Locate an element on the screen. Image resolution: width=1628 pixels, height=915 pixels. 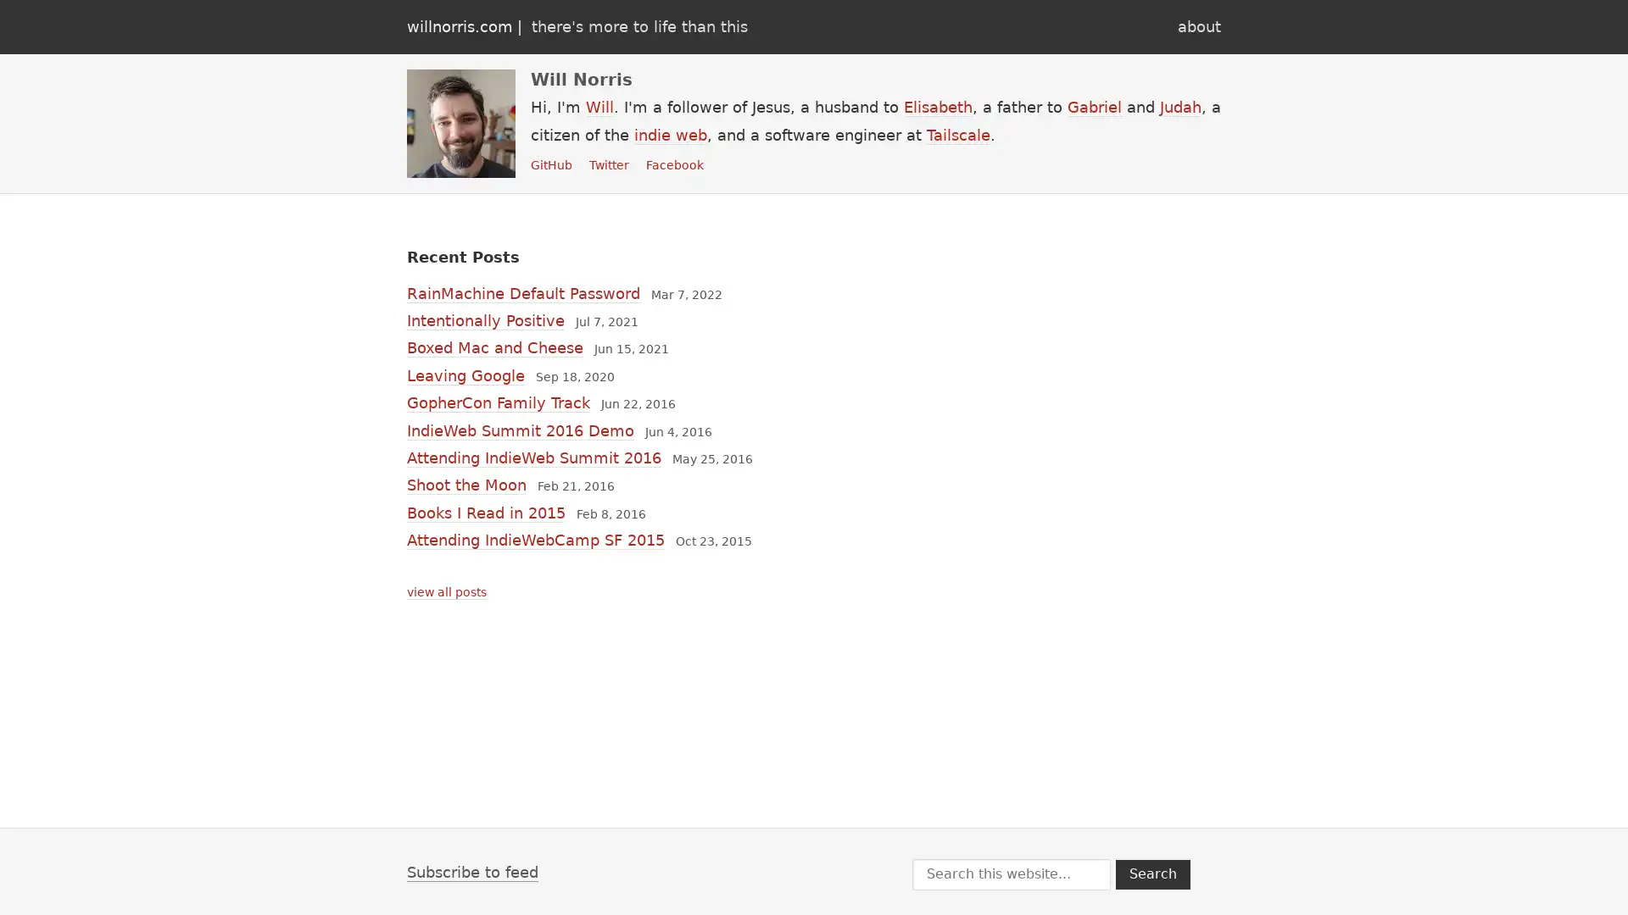
Search is located at coordinates (1152, 874).